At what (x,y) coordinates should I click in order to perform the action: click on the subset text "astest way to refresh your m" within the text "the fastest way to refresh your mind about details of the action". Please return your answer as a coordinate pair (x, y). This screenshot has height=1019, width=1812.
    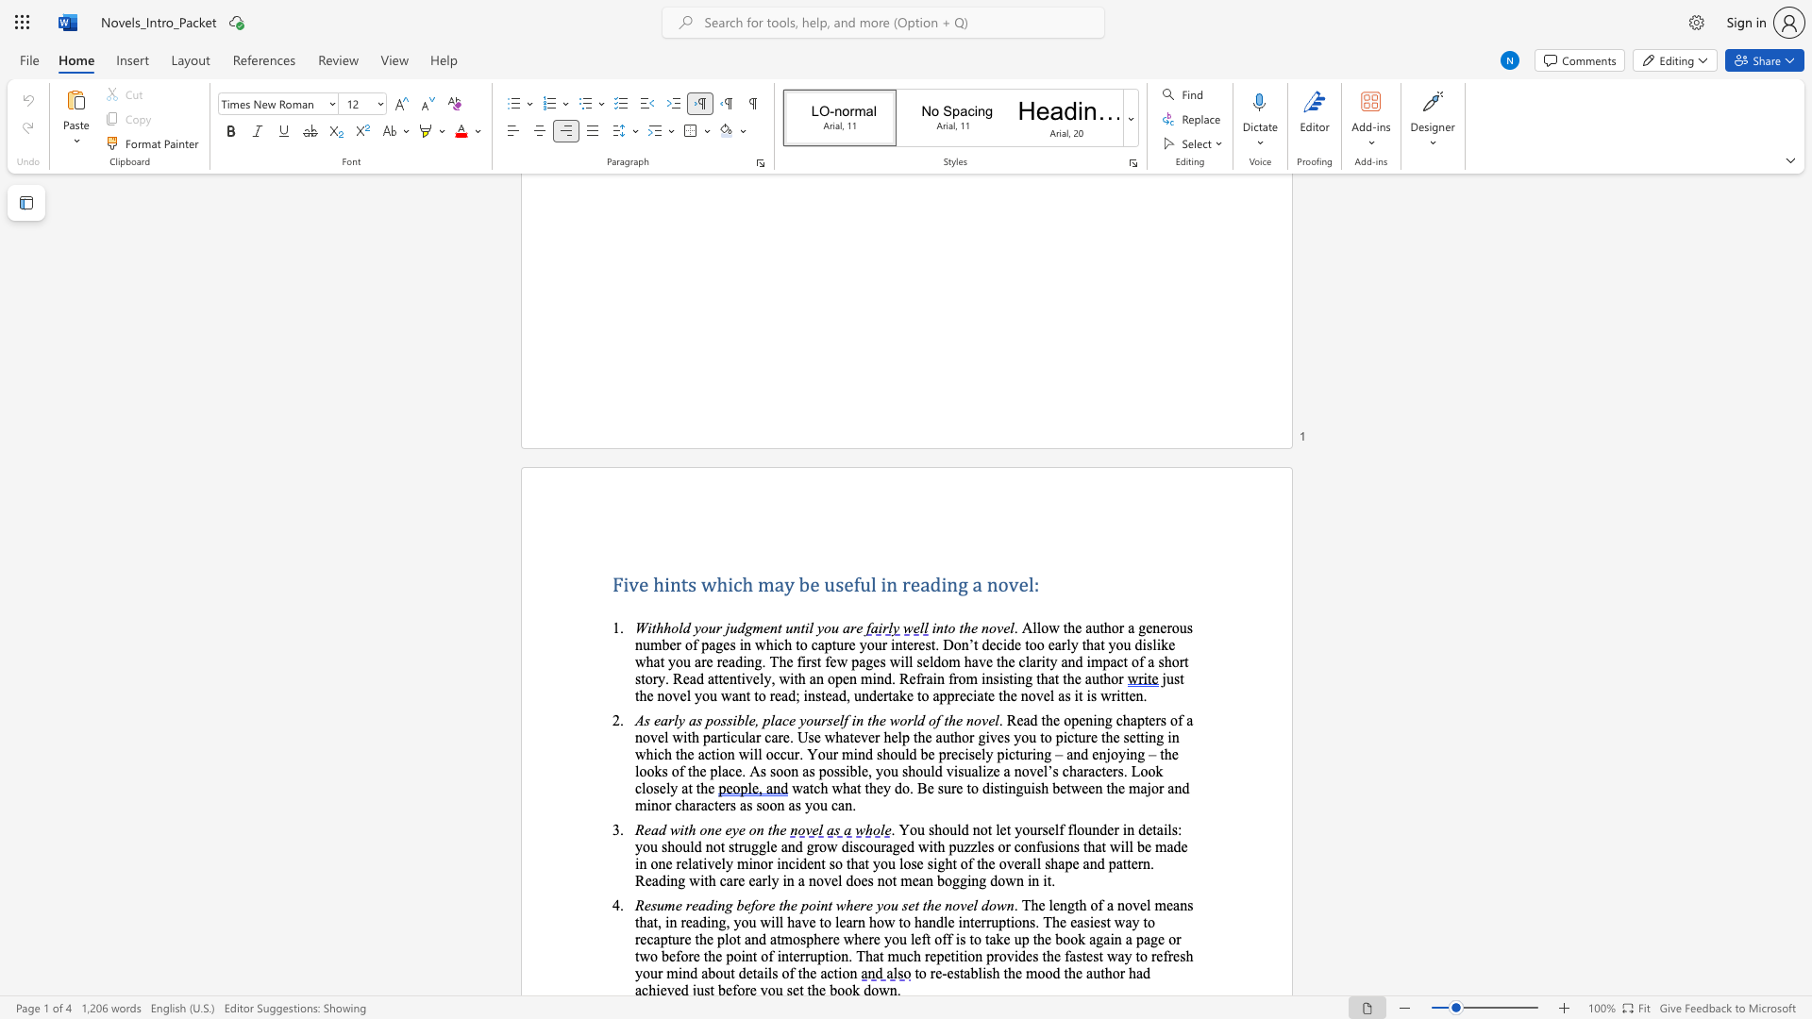
    Looking at the image, I should click on (1069, 956).